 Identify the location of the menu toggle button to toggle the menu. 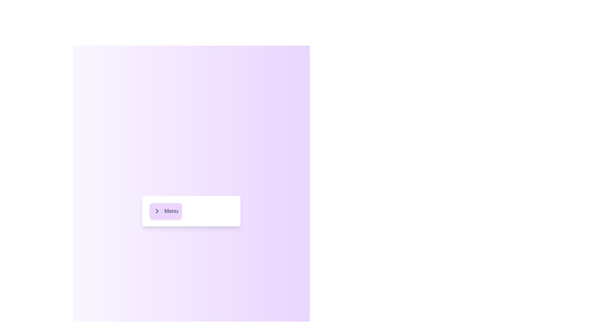
(165, 211).